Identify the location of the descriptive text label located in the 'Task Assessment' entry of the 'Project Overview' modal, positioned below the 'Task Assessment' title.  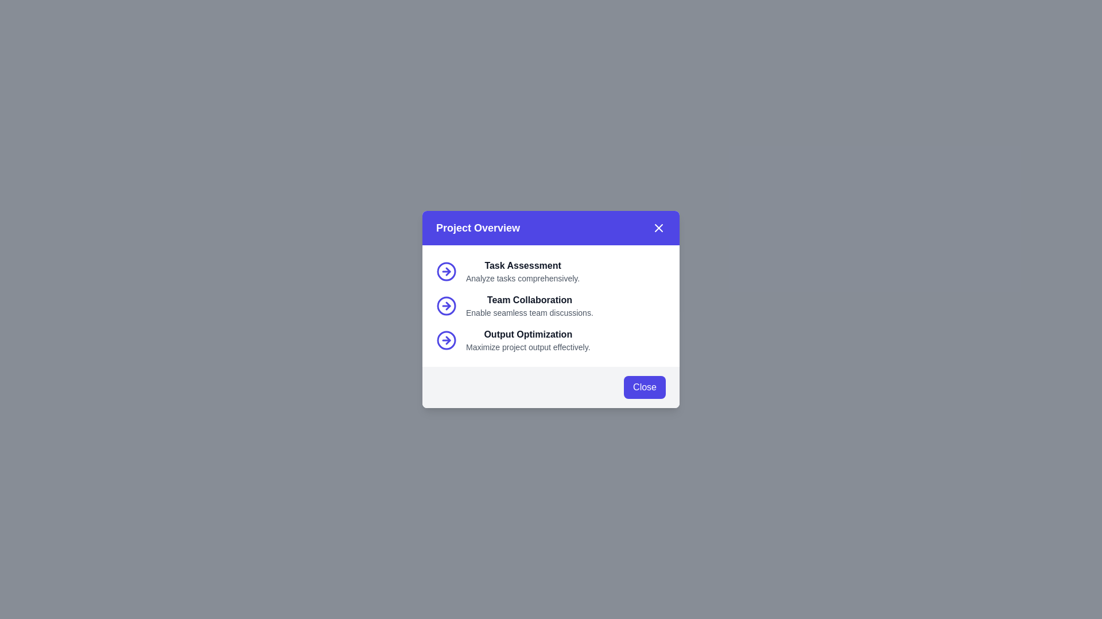
(522, 279).